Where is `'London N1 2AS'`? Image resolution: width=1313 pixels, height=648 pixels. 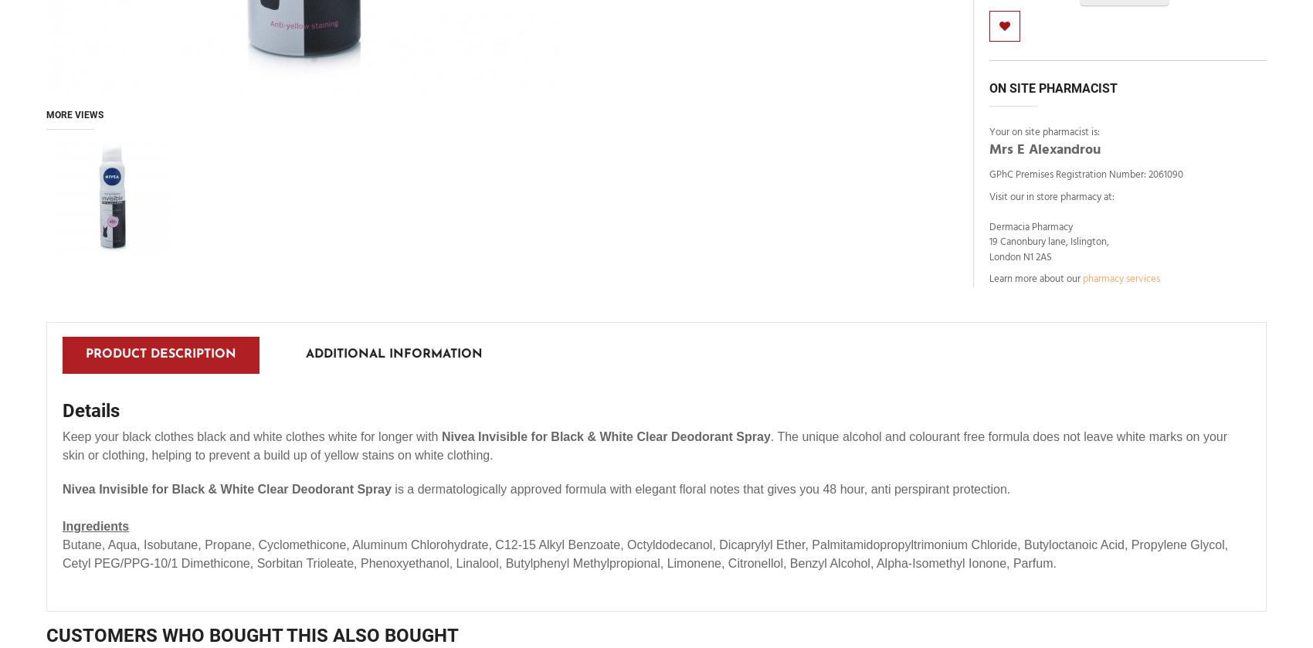
'London N1 2AS' is located at coordinates (1020, 256).